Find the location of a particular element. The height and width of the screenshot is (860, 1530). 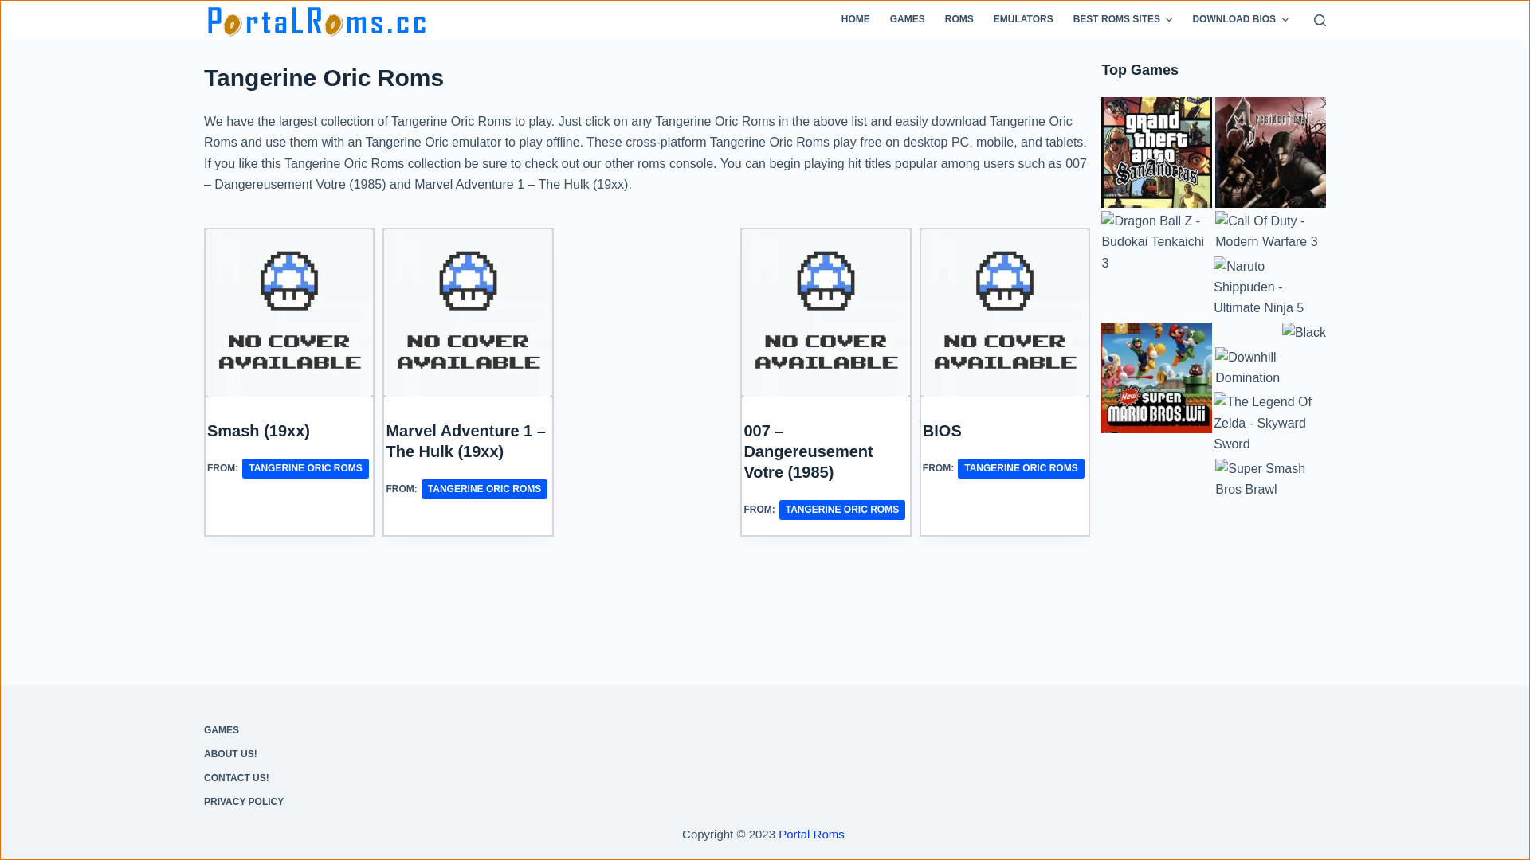

'EMULATORS' is located at coordinates (982, 19).